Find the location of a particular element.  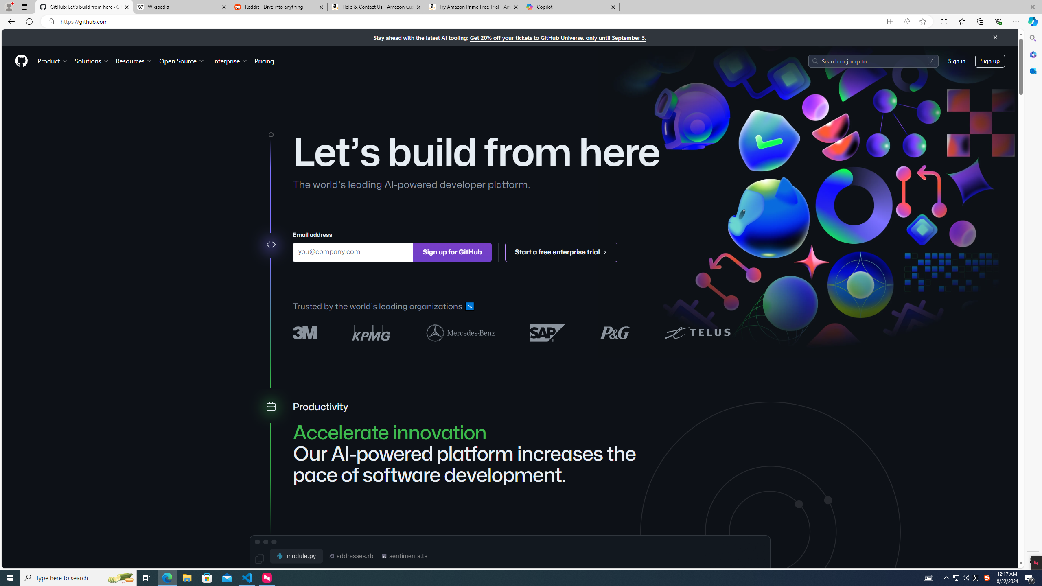

'Start a free enterprise trial ' is located at coordinates (561, 251).